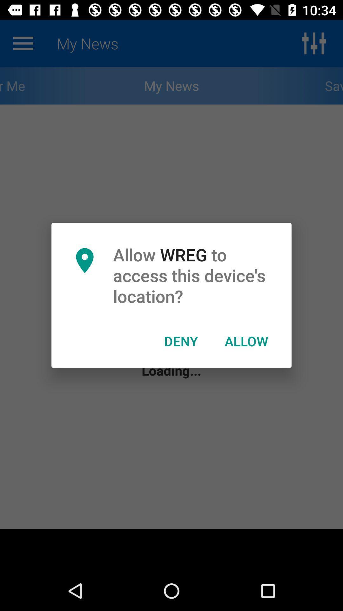 The height and width of the screenshot is (611, 343). What do you see at coordinates (313, 43) in the screenshot?
I see `the sliders icon` at bounding box center [313, 43].